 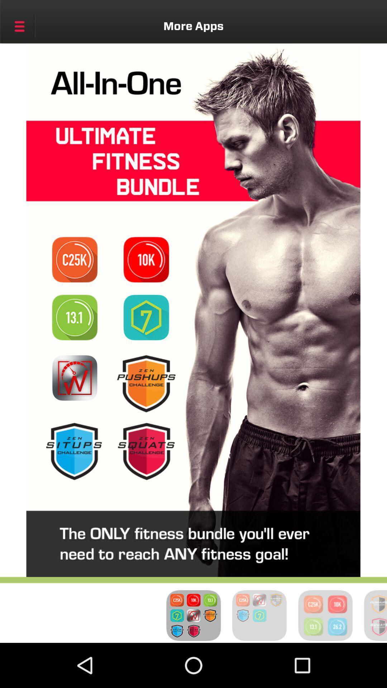 What do you see at coordinates (146, 383) in the screenshot?
I see `click the pushups batch icon` at bounding box center [146, 383].